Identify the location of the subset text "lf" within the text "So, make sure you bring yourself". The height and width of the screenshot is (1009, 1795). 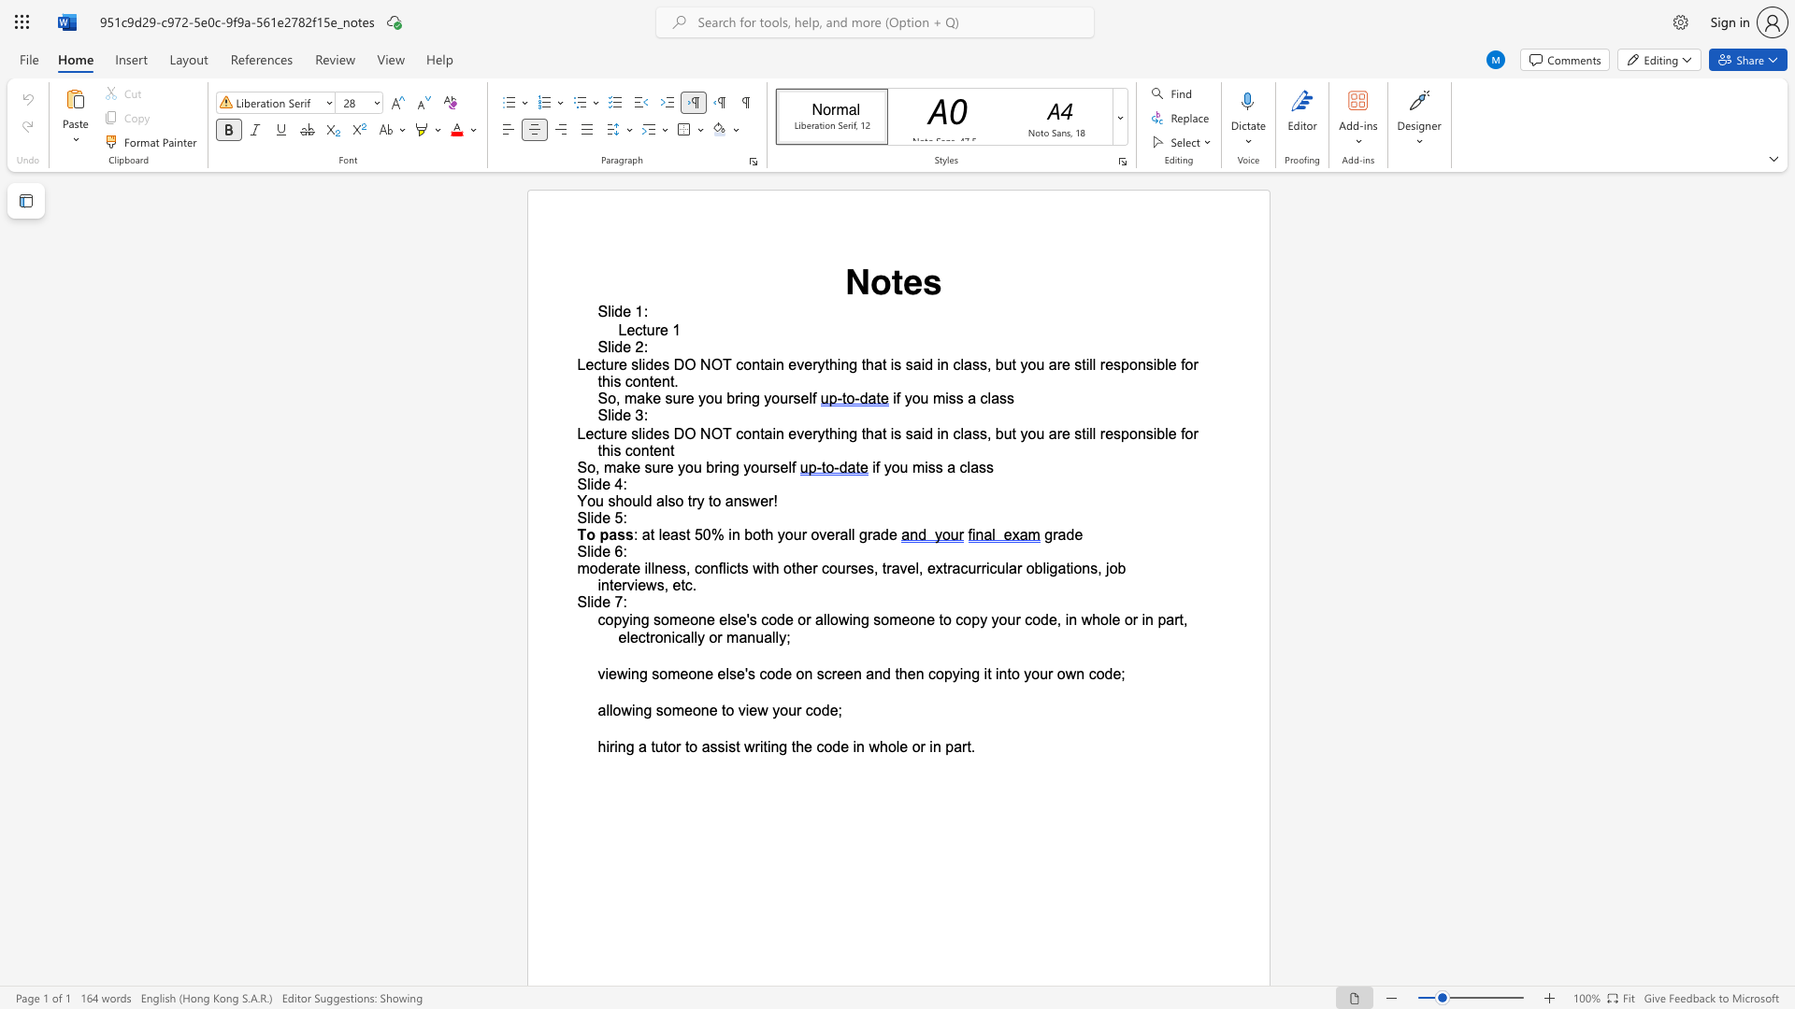
(788, 466).